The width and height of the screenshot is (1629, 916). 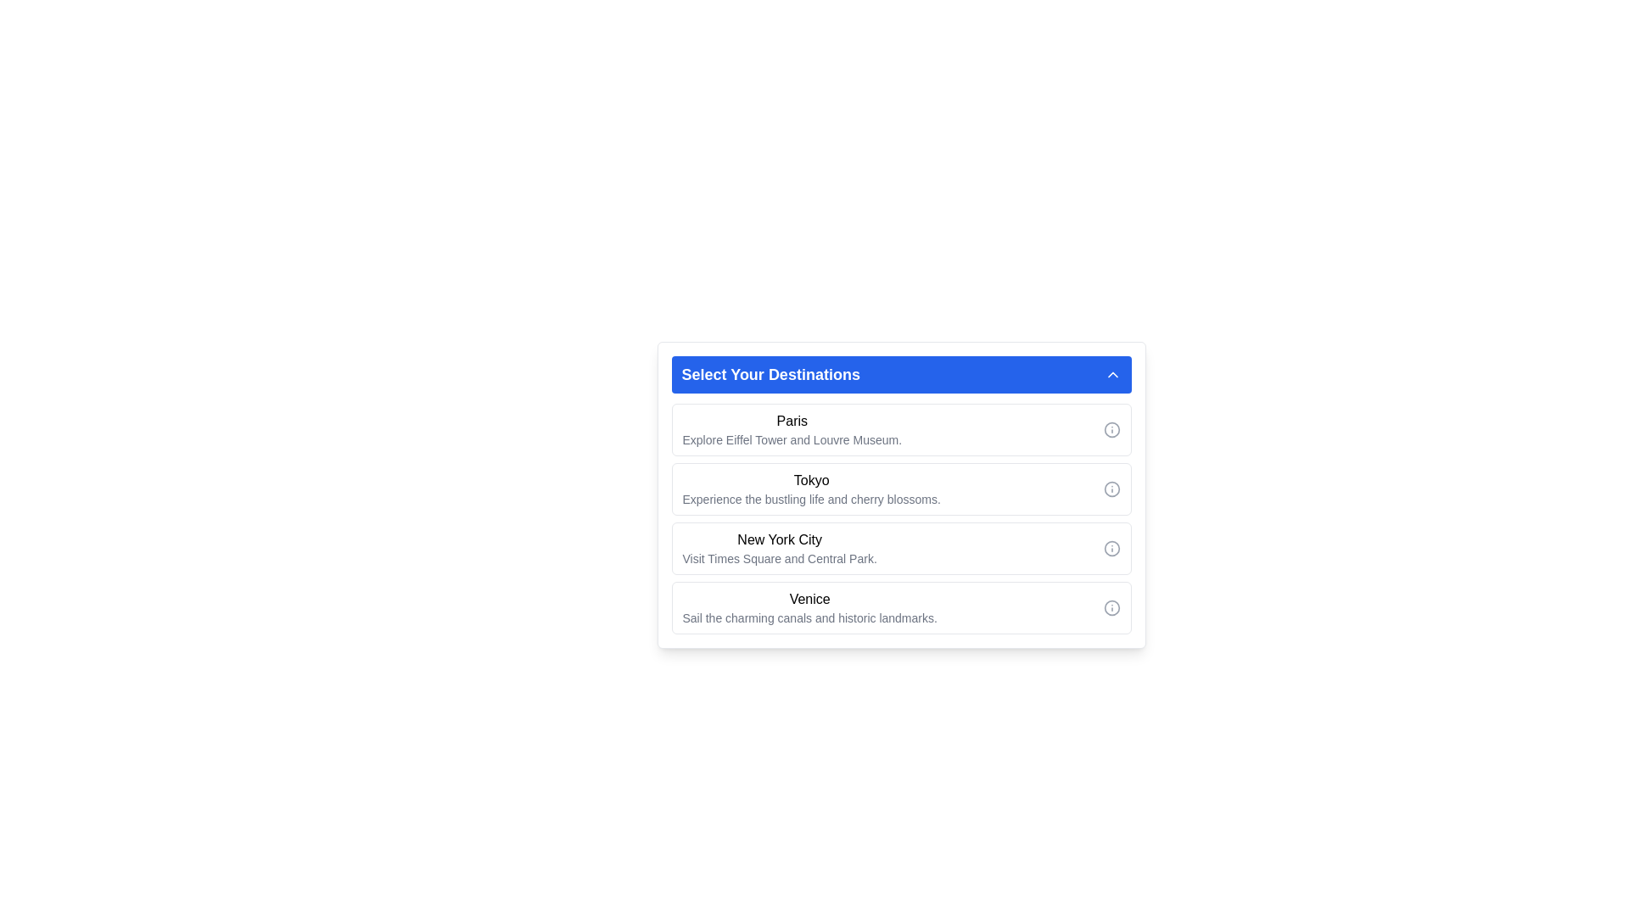 I want to click on the selectable destination option labeled 'Tokyo', so click(x=900, y=512).